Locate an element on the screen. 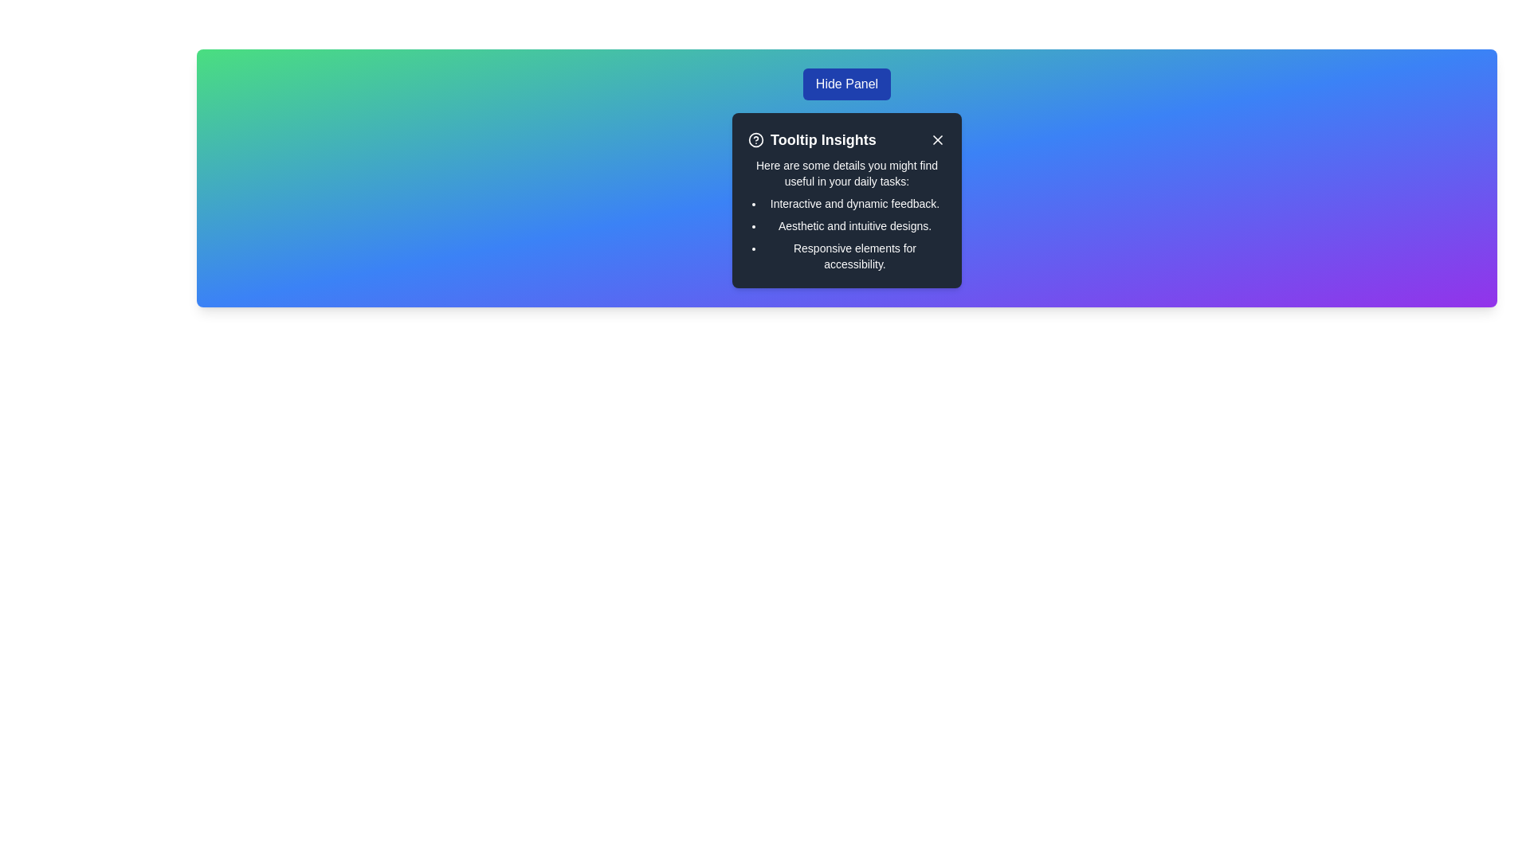 The width and height of the screenshot is (1530, 860). the second item in a bulleted list that serves as static text, providing descriptive information within a tooltip overlay is located at coordinates (854, 226).